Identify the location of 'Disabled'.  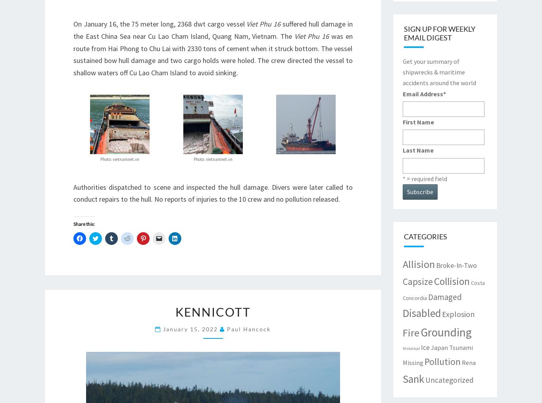
(421, 313).